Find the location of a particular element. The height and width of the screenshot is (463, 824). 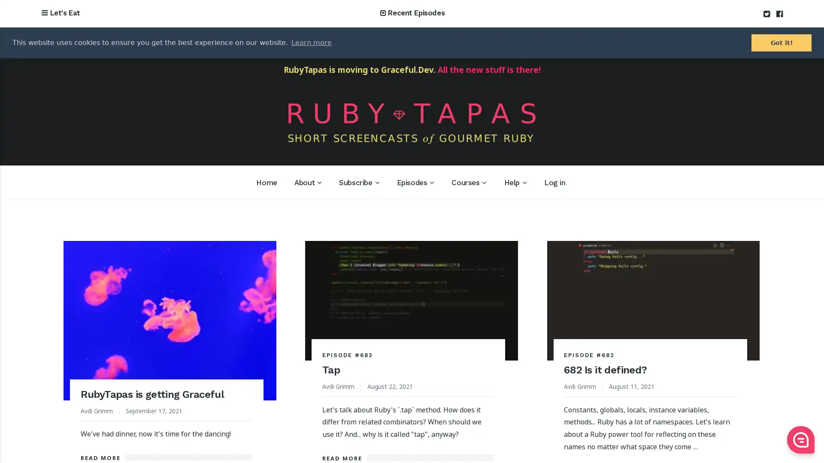

dismiss cookie message is located at coordinates (781, 42).